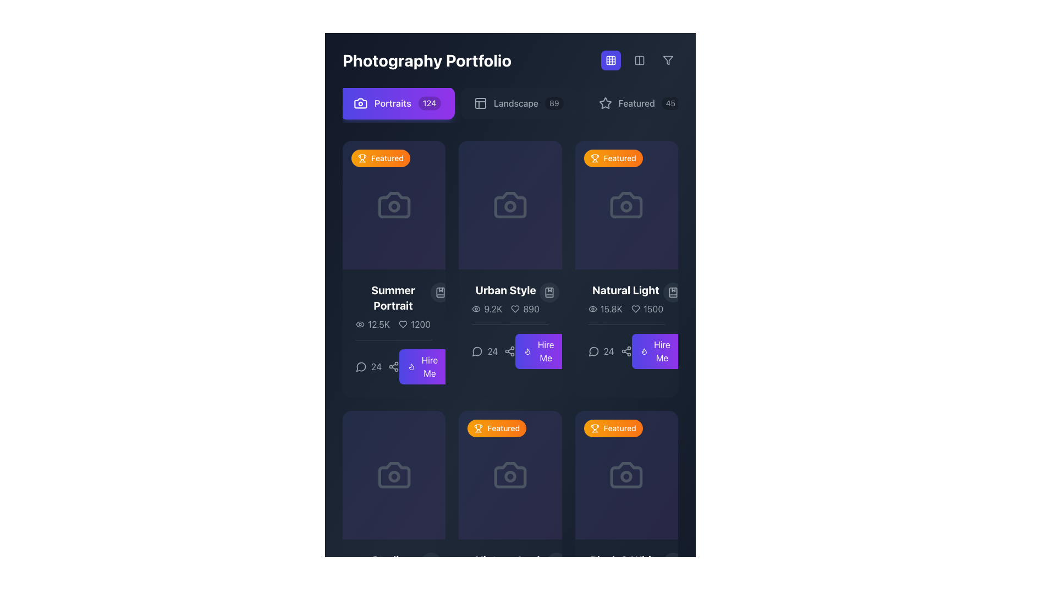  I want to click on the call-to-action button for hiring services located in the lower section of the 'Urban Style' card, the second card in the row of portfolio items under 'Portraits', so click(540, 351).